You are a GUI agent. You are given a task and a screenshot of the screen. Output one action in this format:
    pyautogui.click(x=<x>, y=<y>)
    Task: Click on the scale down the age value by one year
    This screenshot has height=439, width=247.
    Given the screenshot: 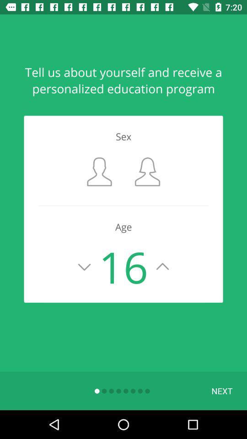 What is the action you would take?
    pyautogui.click(x=84, y=267)
    